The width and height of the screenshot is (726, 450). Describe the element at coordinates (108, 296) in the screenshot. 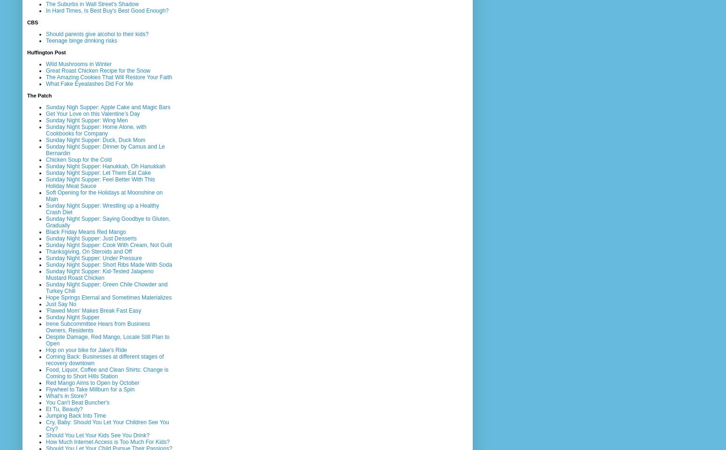

I see `'Hope Springs Eternal and Sometimes Materializes'` at that location.